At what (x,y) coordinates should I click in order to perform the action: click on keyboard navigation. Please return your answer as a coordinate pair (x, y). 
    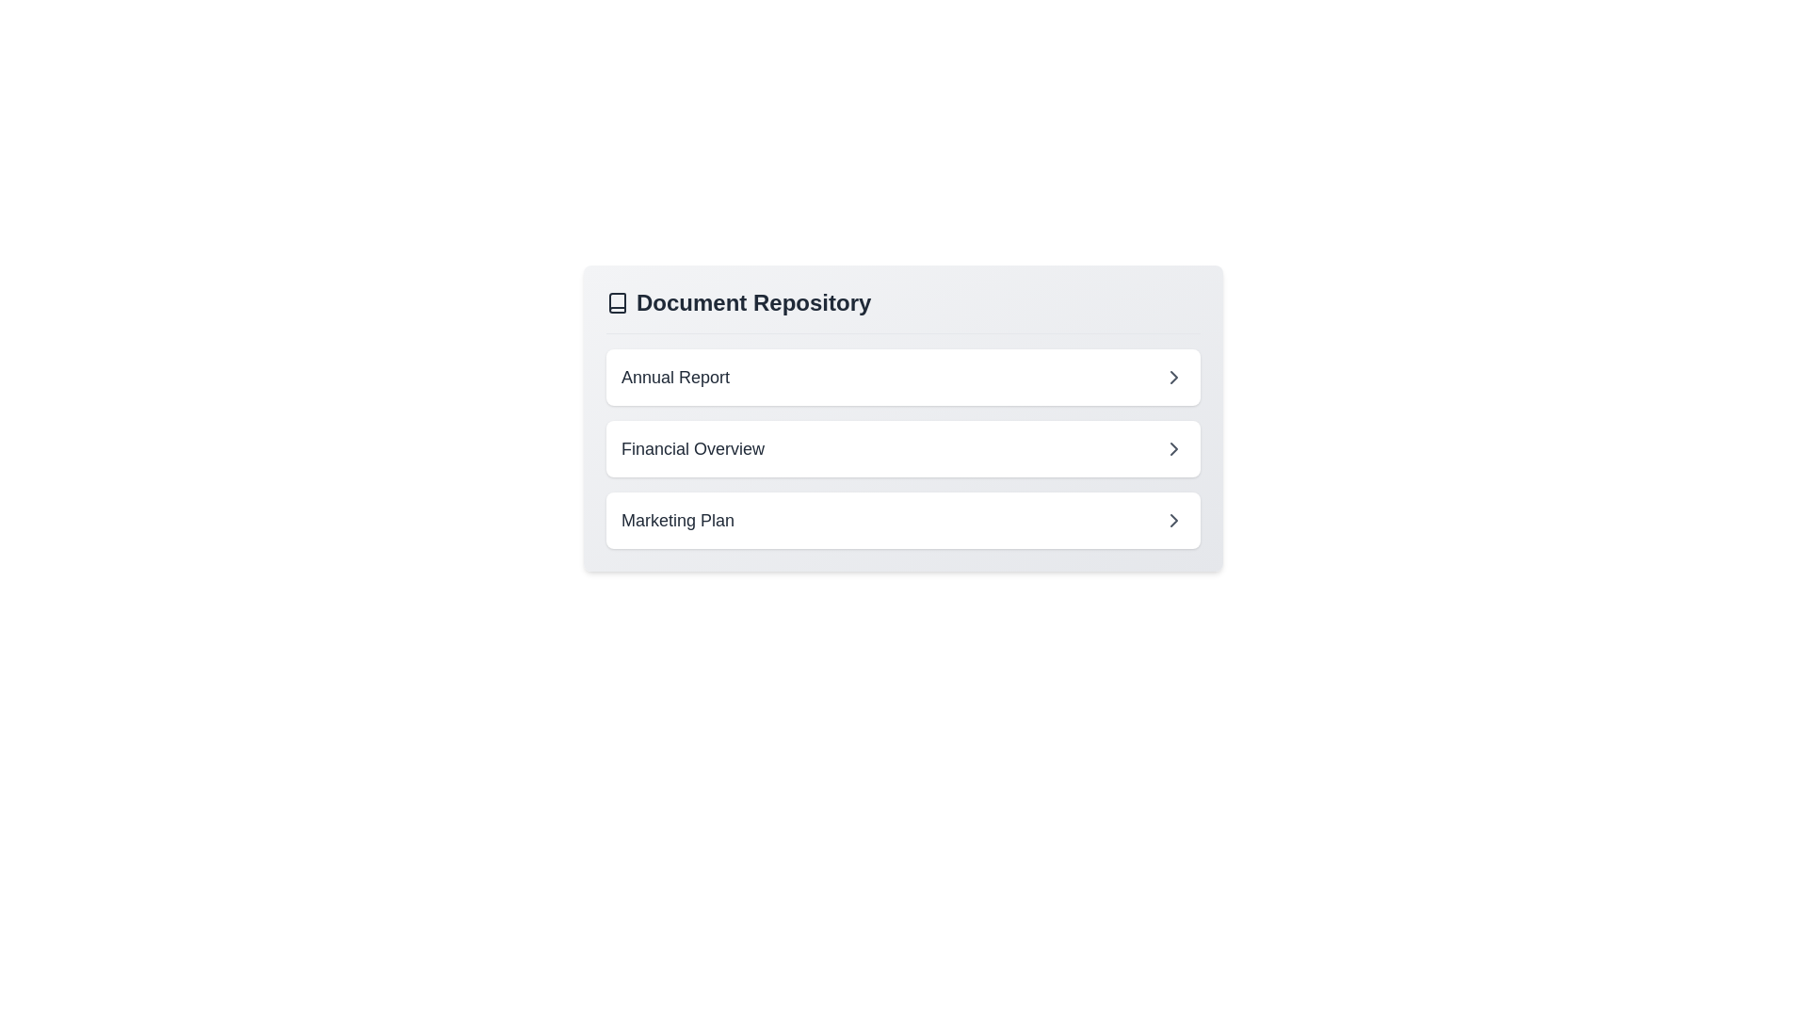
    Looking at the image, I should click on (1173, 449).